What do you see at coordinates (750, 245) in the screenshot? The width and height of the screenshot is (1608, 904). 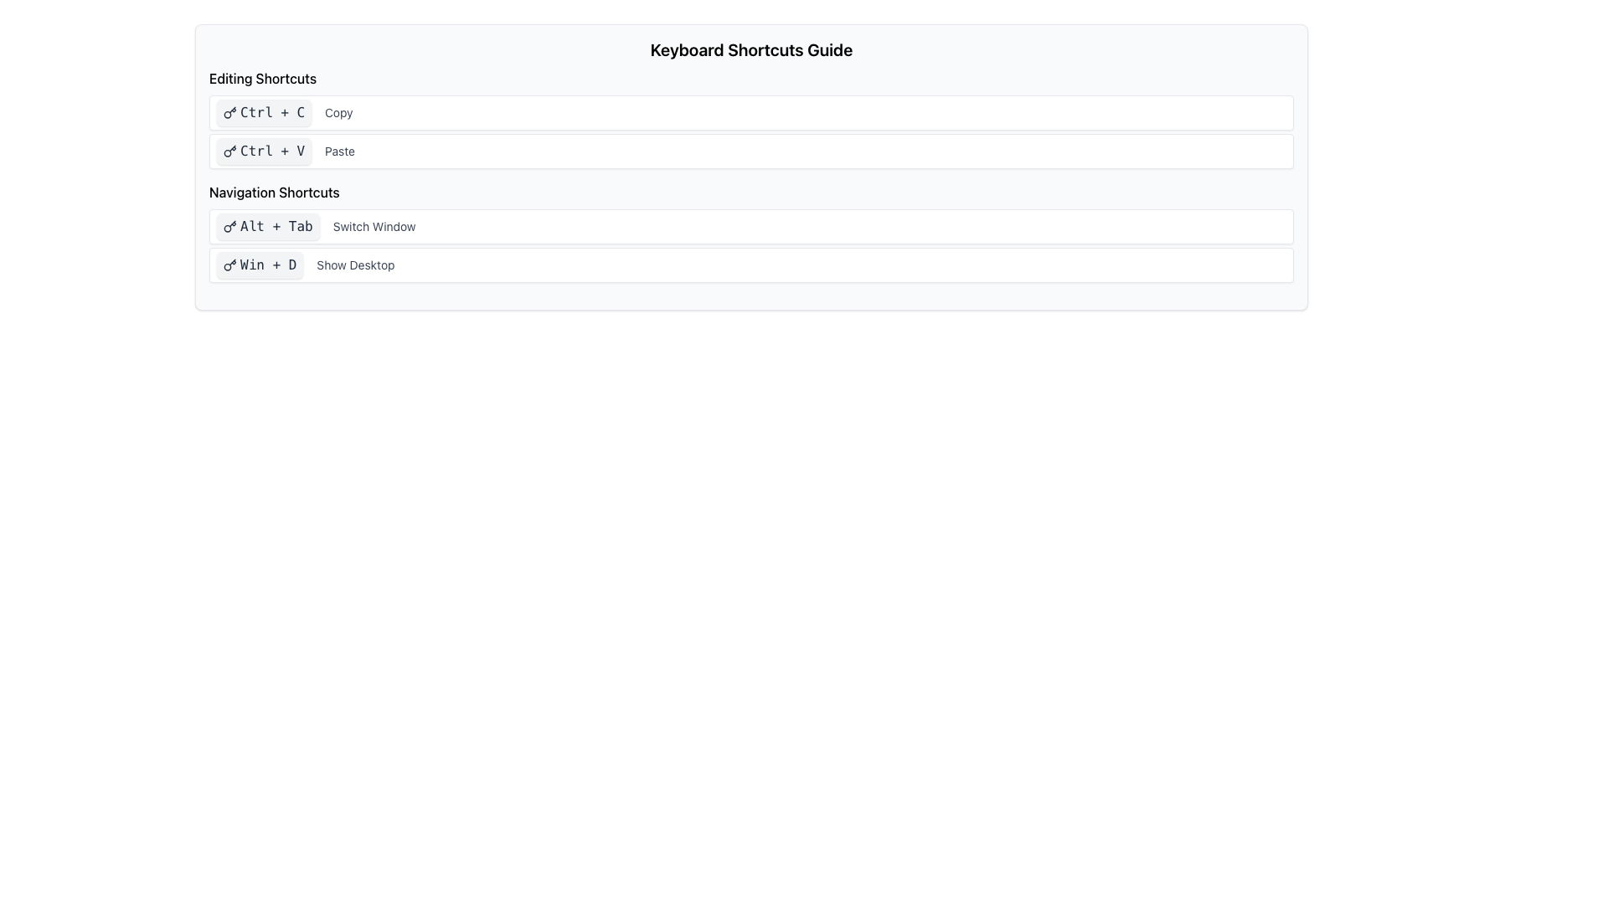 I see `the Text Block element that provides instructions on keyboard shortcuts, located below the 'Navigation Shortcuts' header` at bounding box center [750, 245].